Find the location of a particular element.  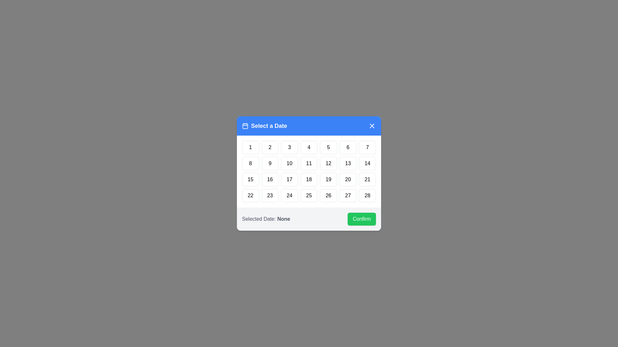

the day button labeled 19 to highlight it is located at coordinates (329, 180).